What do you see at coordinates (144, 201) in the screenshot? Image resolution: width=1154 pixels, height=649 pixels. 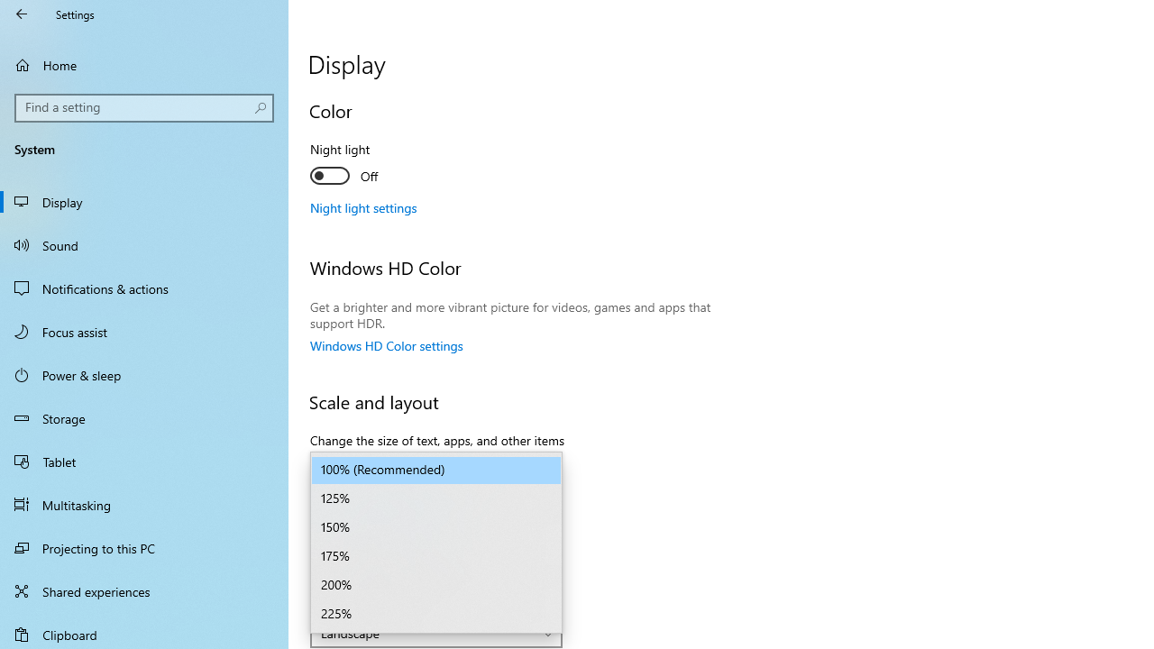 I see `'Display'` at bounding box center [144, 201].